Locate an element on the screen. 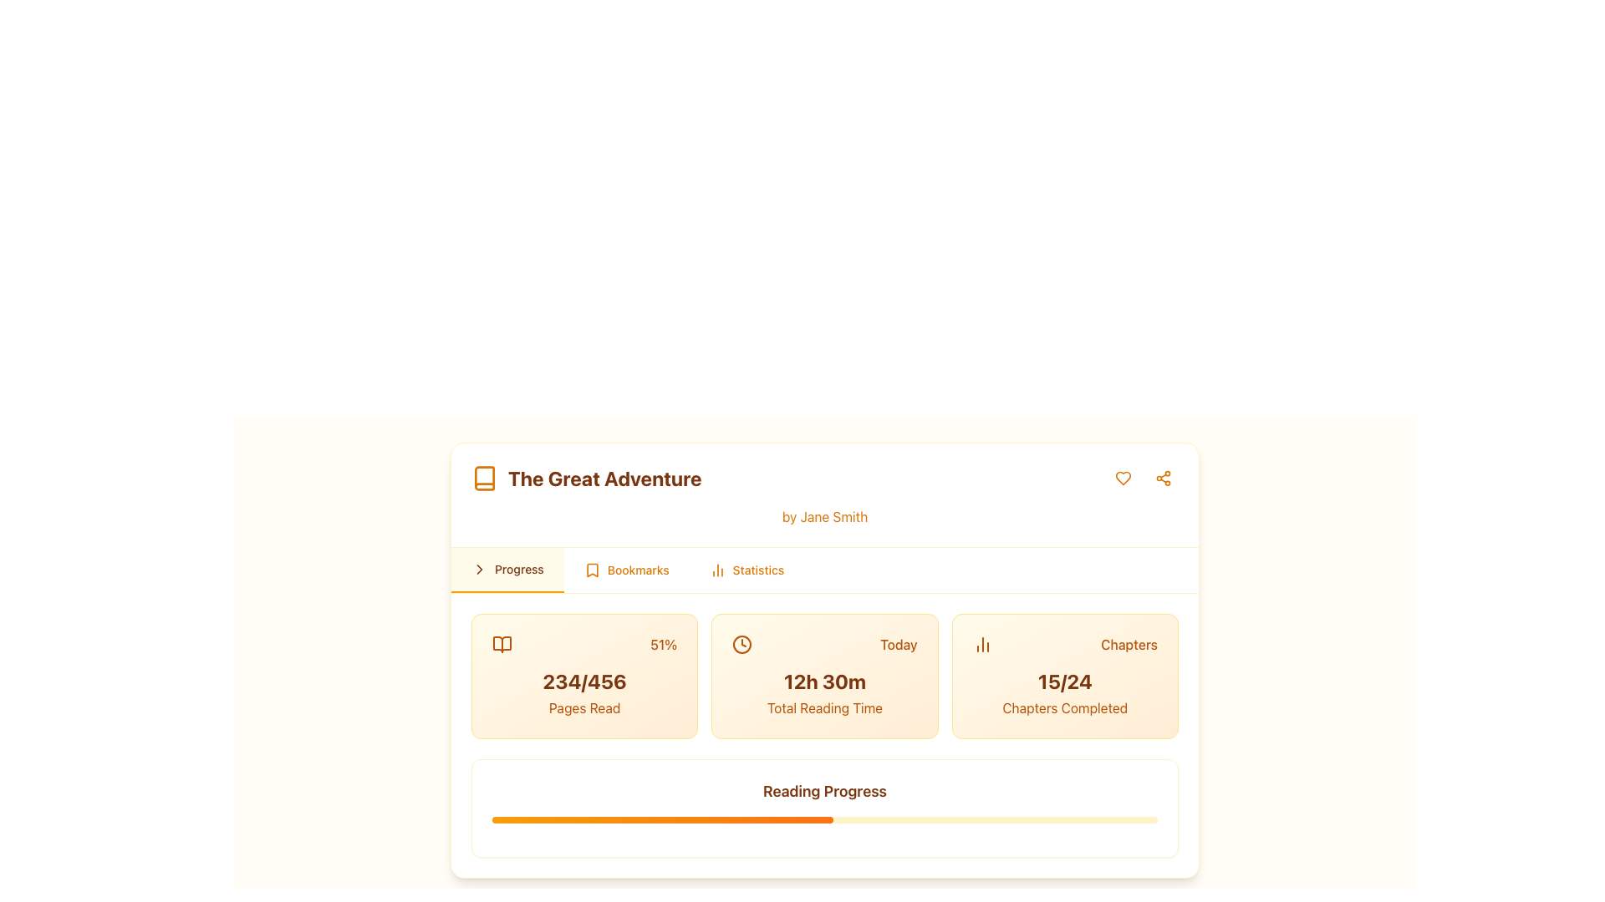 The image size is (1605, 902). the share button located at the top-right corner of the card labeled 'The Great Adventure' to share the content is located at coordinates (1163, 479).